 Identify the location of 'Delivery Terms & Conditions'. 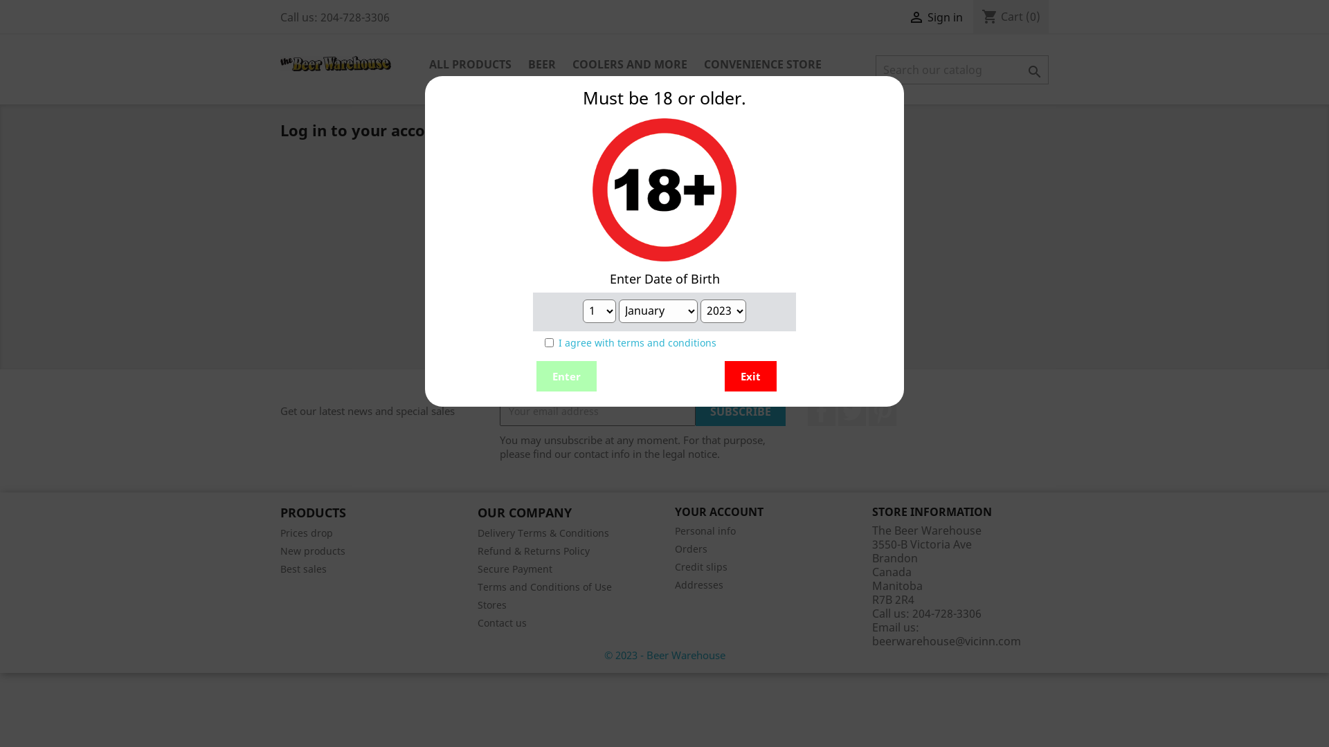
(543, 532).